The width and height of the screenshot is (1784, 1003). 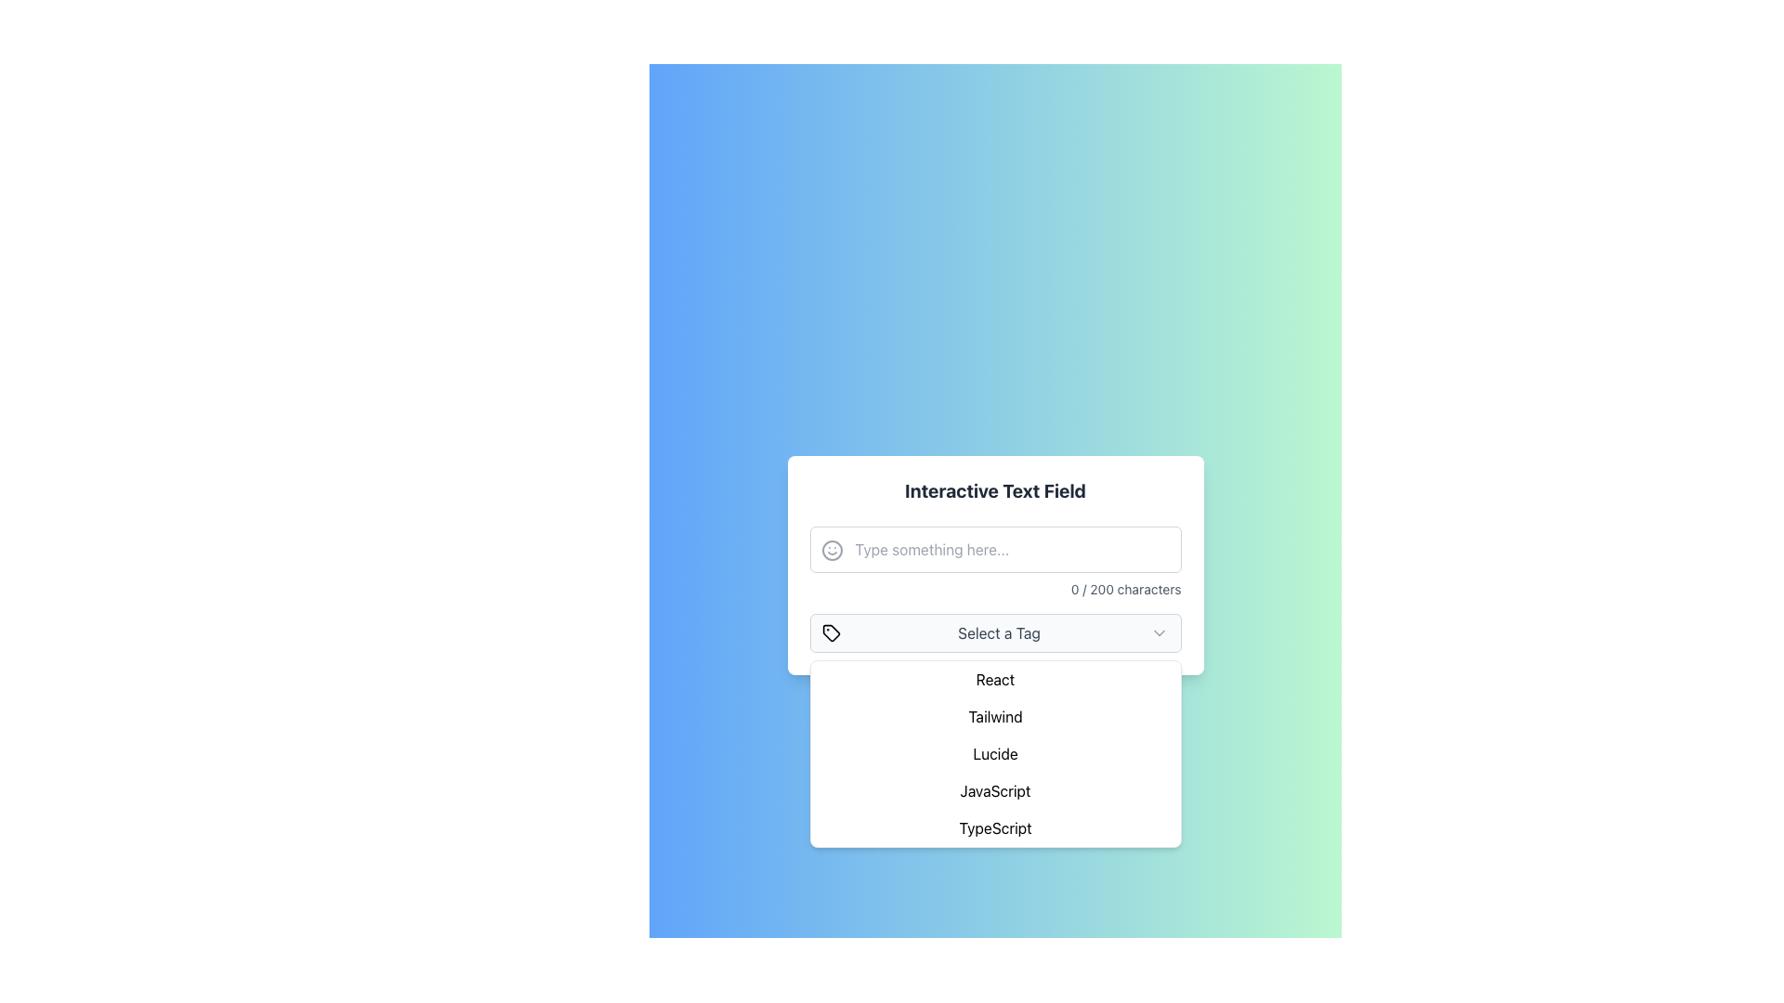 What do you see at coordinates (830, 632) in the screenshot?
I see `the tag-shaped icon located to the left of the 'Select a Tag' dropdown menu, which symbolizes tagging or categorization` at bounding box center [830, 632].